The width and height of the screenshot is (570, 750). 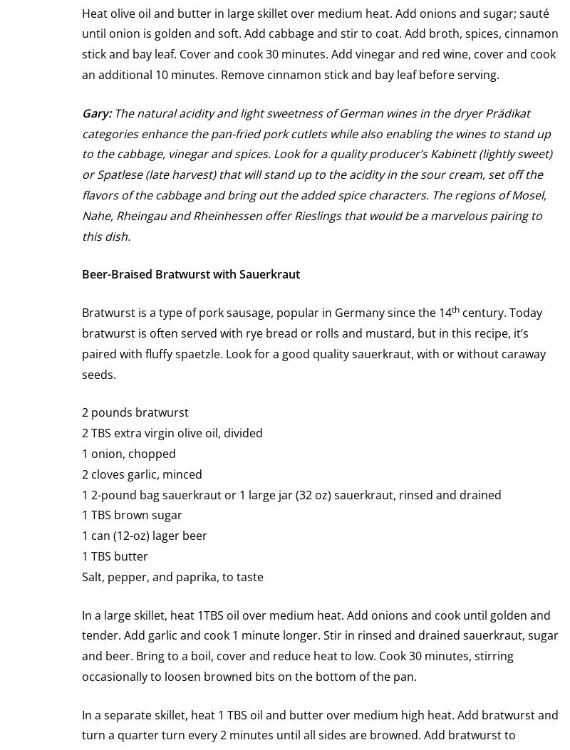 What do you see at coordinates (455, 308) in the screenshot?
I see `'th'` at bounding box center [455, 308].